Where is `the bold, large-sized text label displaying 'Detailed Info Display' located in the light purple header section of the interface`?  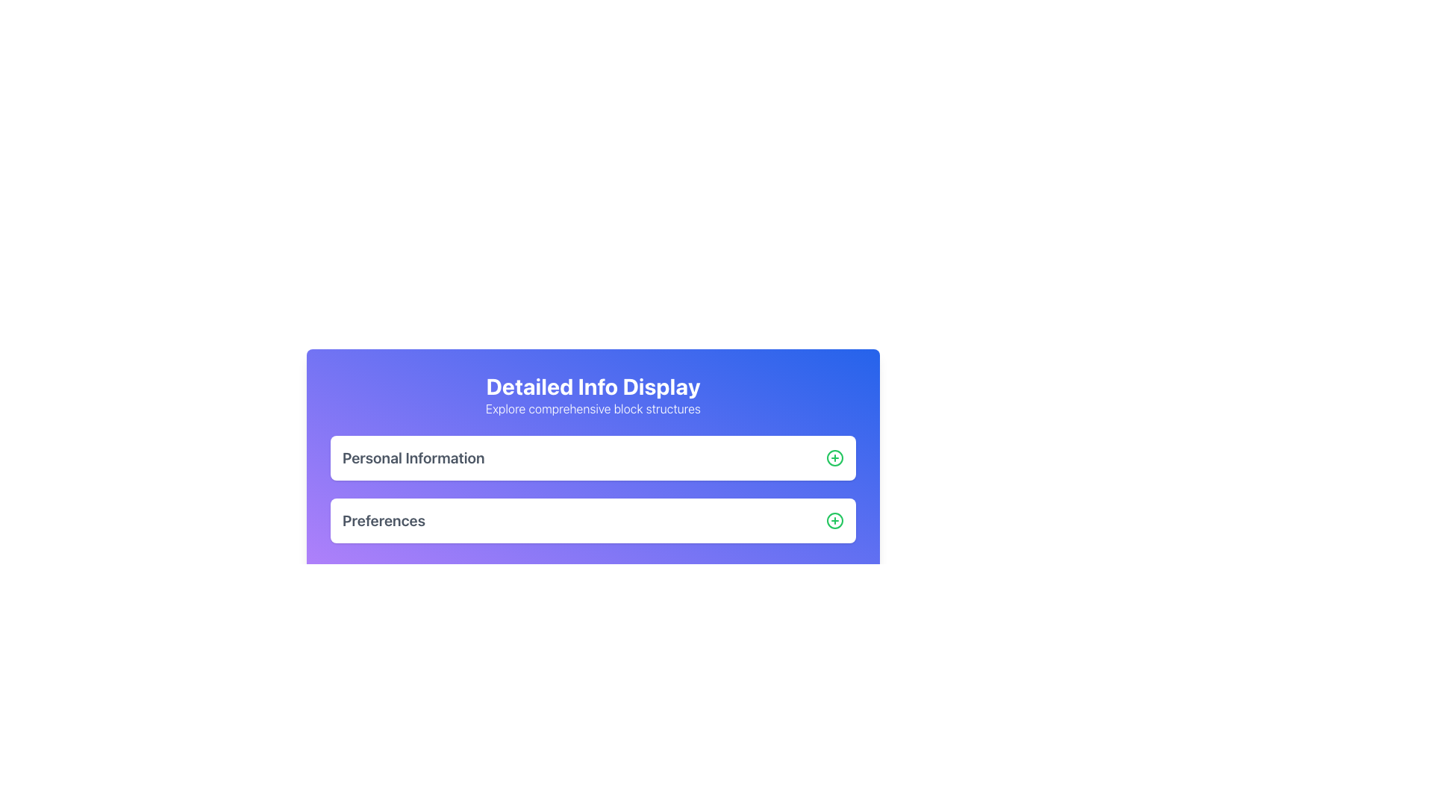
the bold, large-sized text label displaying 'Detailed Info Display' located in the light purple header section of the interface is located at coordinates (593, 385).